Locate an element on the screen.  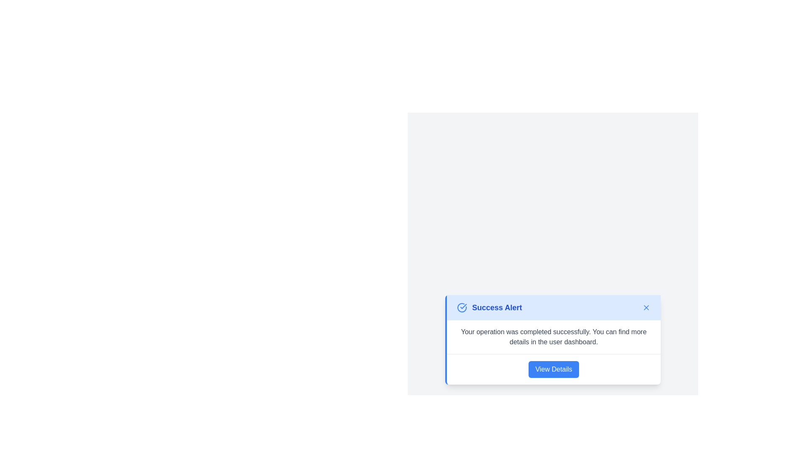
title of the Notification bar located at the top section of the card-shaped notification block, which indicates a successful operation is located at coordinates (553, 307).